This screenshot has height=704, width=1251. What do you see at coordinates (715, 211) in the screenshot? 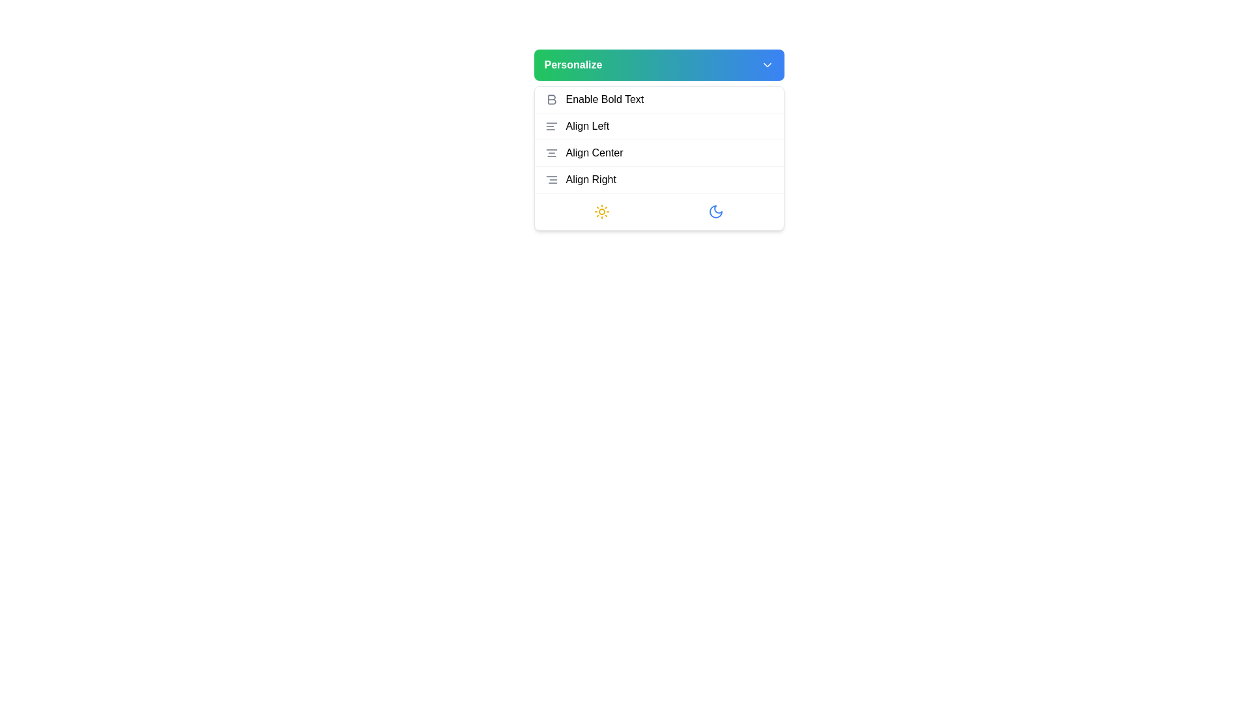
I see `the moon icon located in the menu settings section, adjacent to the lightbulb icon` at bounding box center [715, 211].